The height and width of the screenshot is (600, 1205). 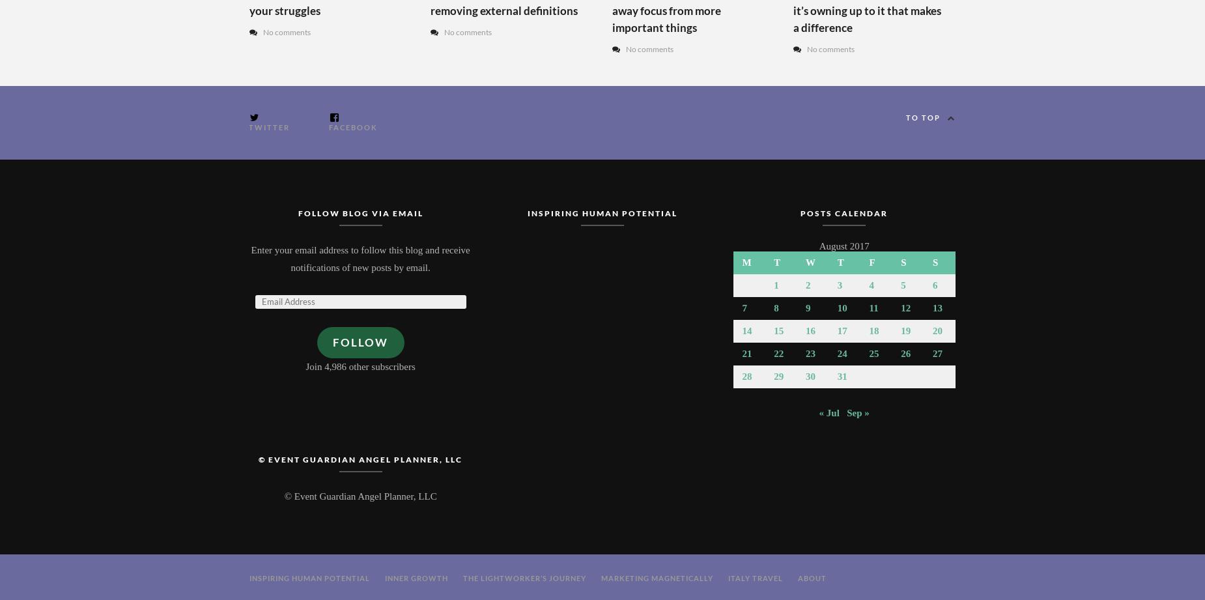 What do you see at coordinates (746, 376) in the screenshot?
I see `'28'` at bounding box center [746, 376].